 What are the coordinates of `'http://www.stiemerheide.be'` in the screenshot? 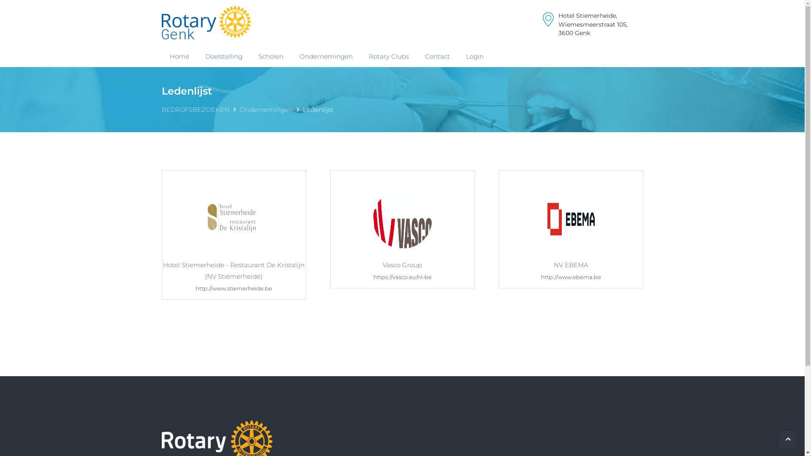 It's located at (234, 288).